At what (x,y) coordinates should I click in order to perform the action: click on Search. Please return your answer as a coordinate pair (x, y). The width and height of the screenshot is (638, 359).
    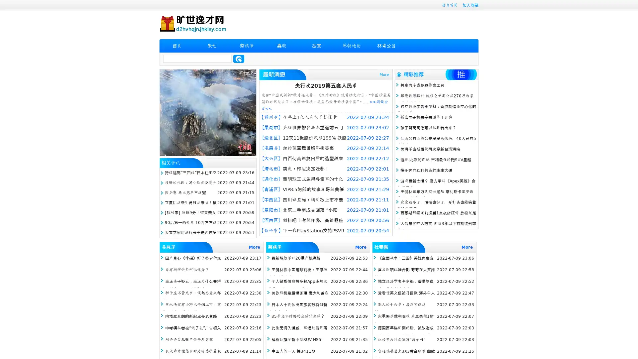
    Looking at the image, I should click on (239, 59).